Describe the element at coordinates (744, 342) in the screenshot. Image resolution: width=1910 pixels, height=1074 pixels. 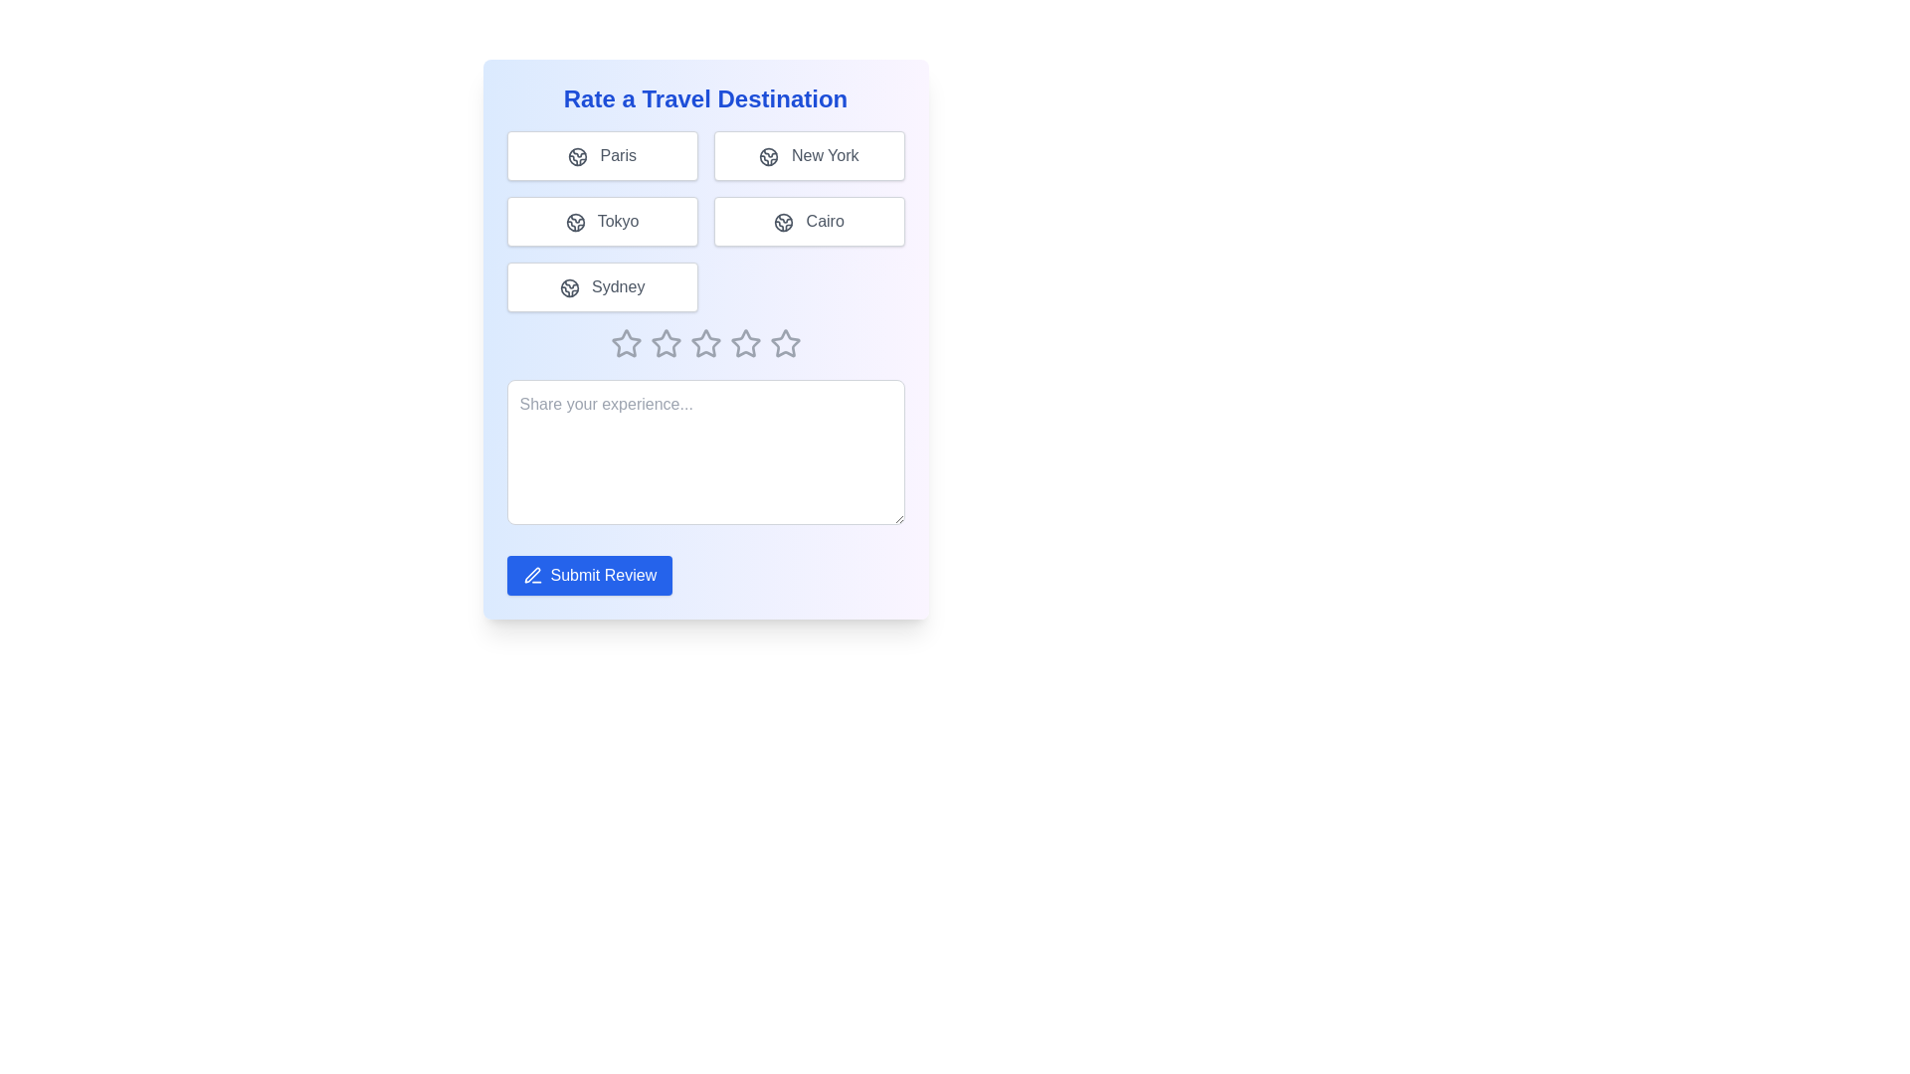
I see `the third star icon used for rating a travel destination` at that location.